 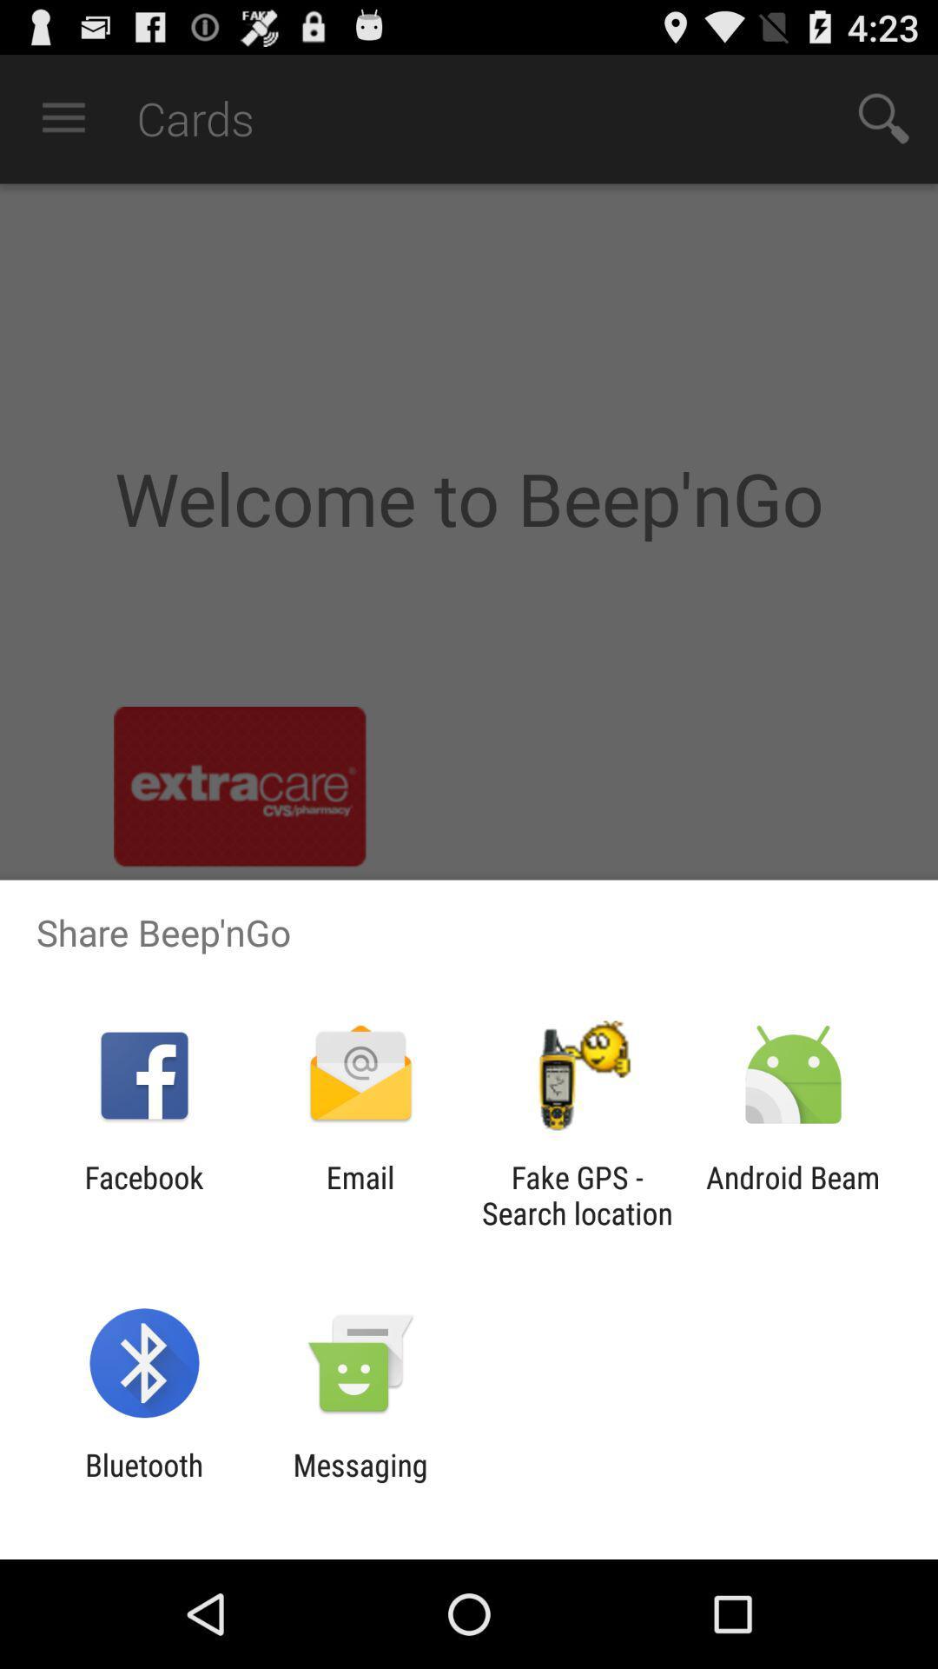 What do you see at coordinates (143, 1482) in the screenshot?
I see `item to the left of messaging item` at bounding box center [143, 1482].